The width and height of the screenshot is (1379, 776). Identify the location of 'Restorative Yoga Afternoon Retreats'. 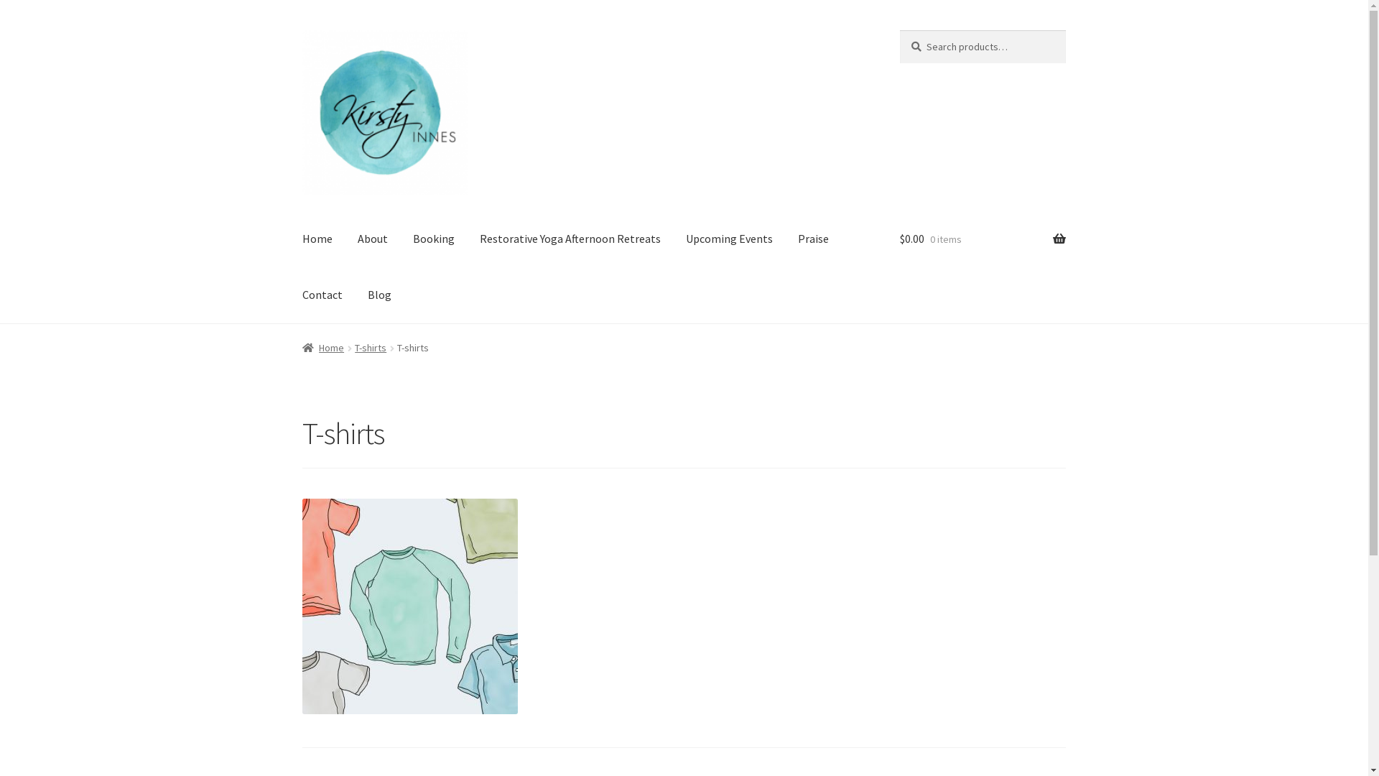
(569, 239).